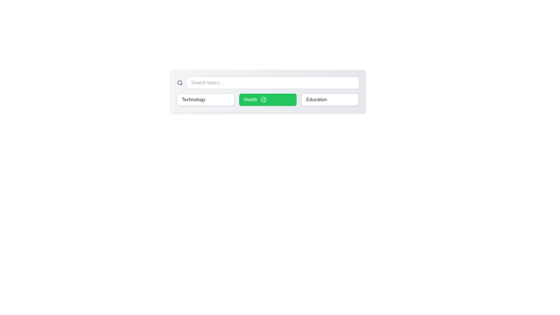 This screenshot has height=315, width=560. Describe the element at coordinates (206, 99) in the screenshot. I see `the chip labeled Technology to see its hover effect` at that location.